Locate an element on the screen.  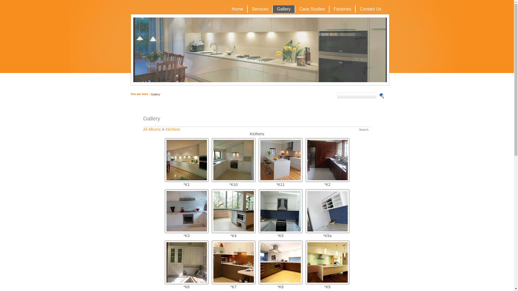
' Factories ' is located at coordinates (342, 9).